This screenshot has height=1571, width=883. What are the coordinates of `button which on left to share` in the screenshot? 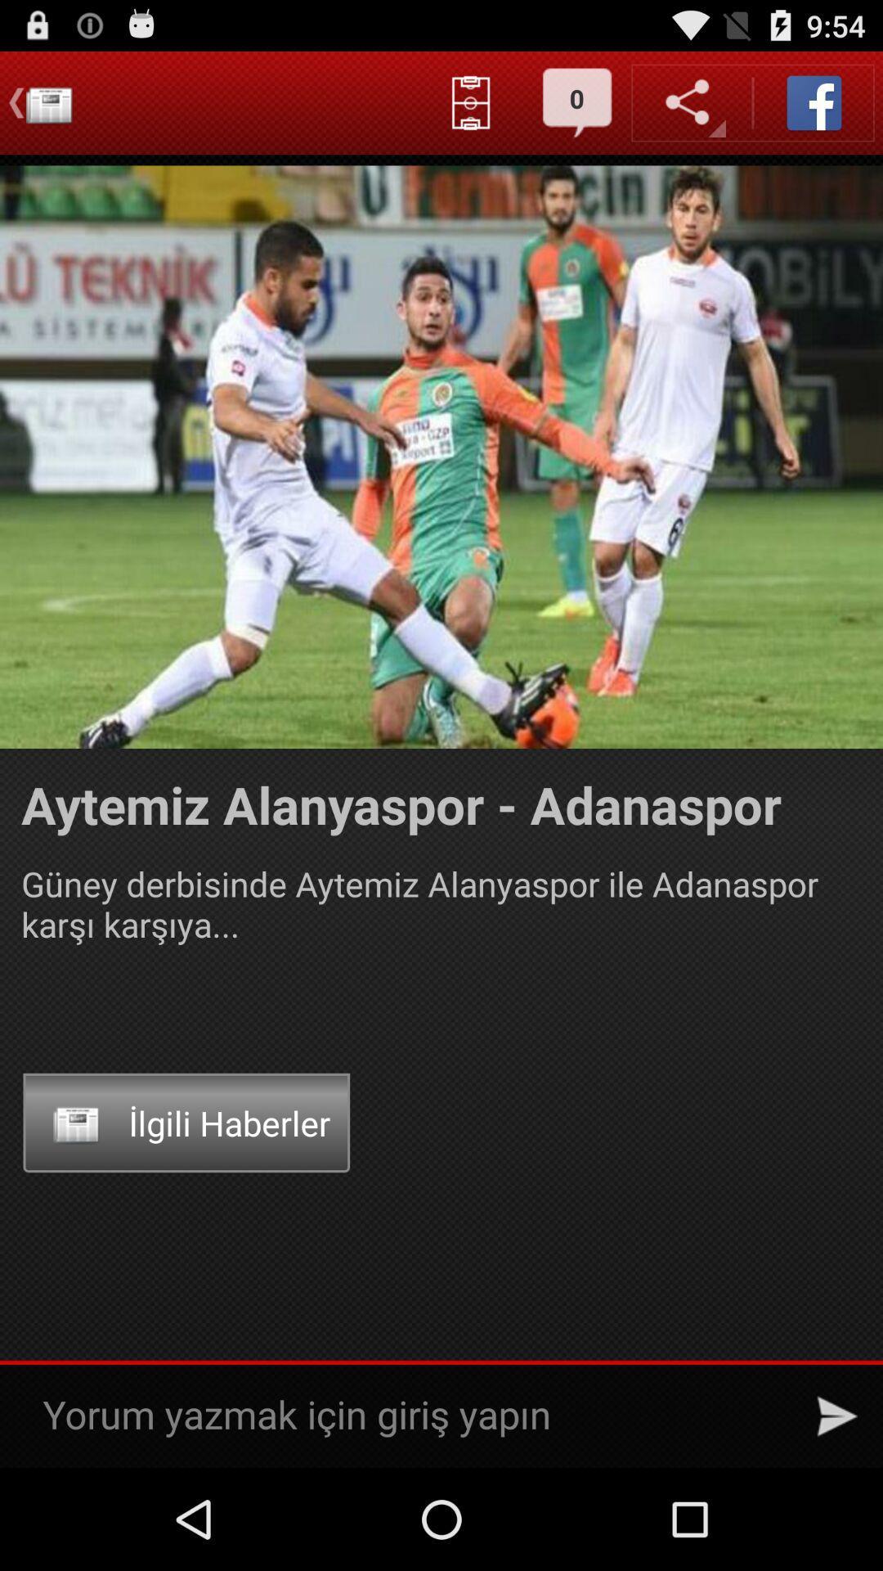 It's located at (576, 101).